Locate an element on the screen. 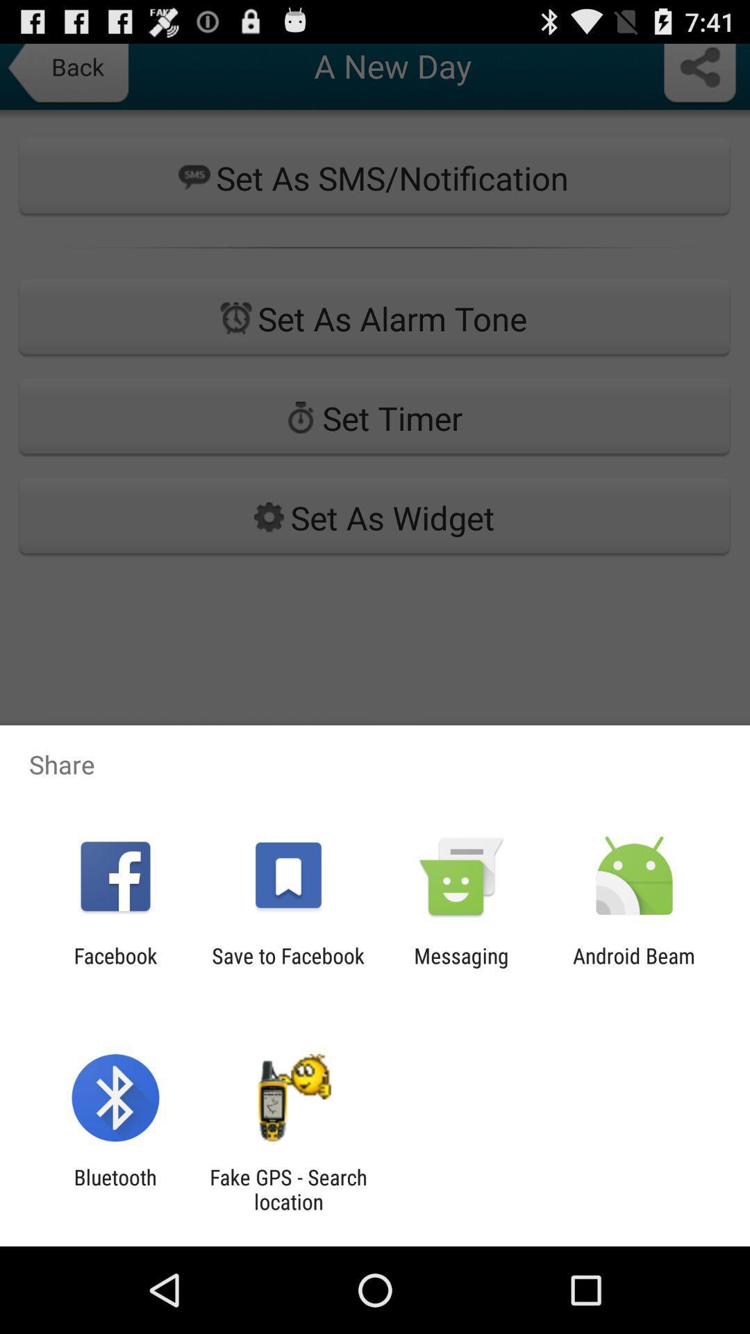 The width and height of the screenshot is (750, 1334). the app to the left of messaging app is located at coordinates (287, 967).